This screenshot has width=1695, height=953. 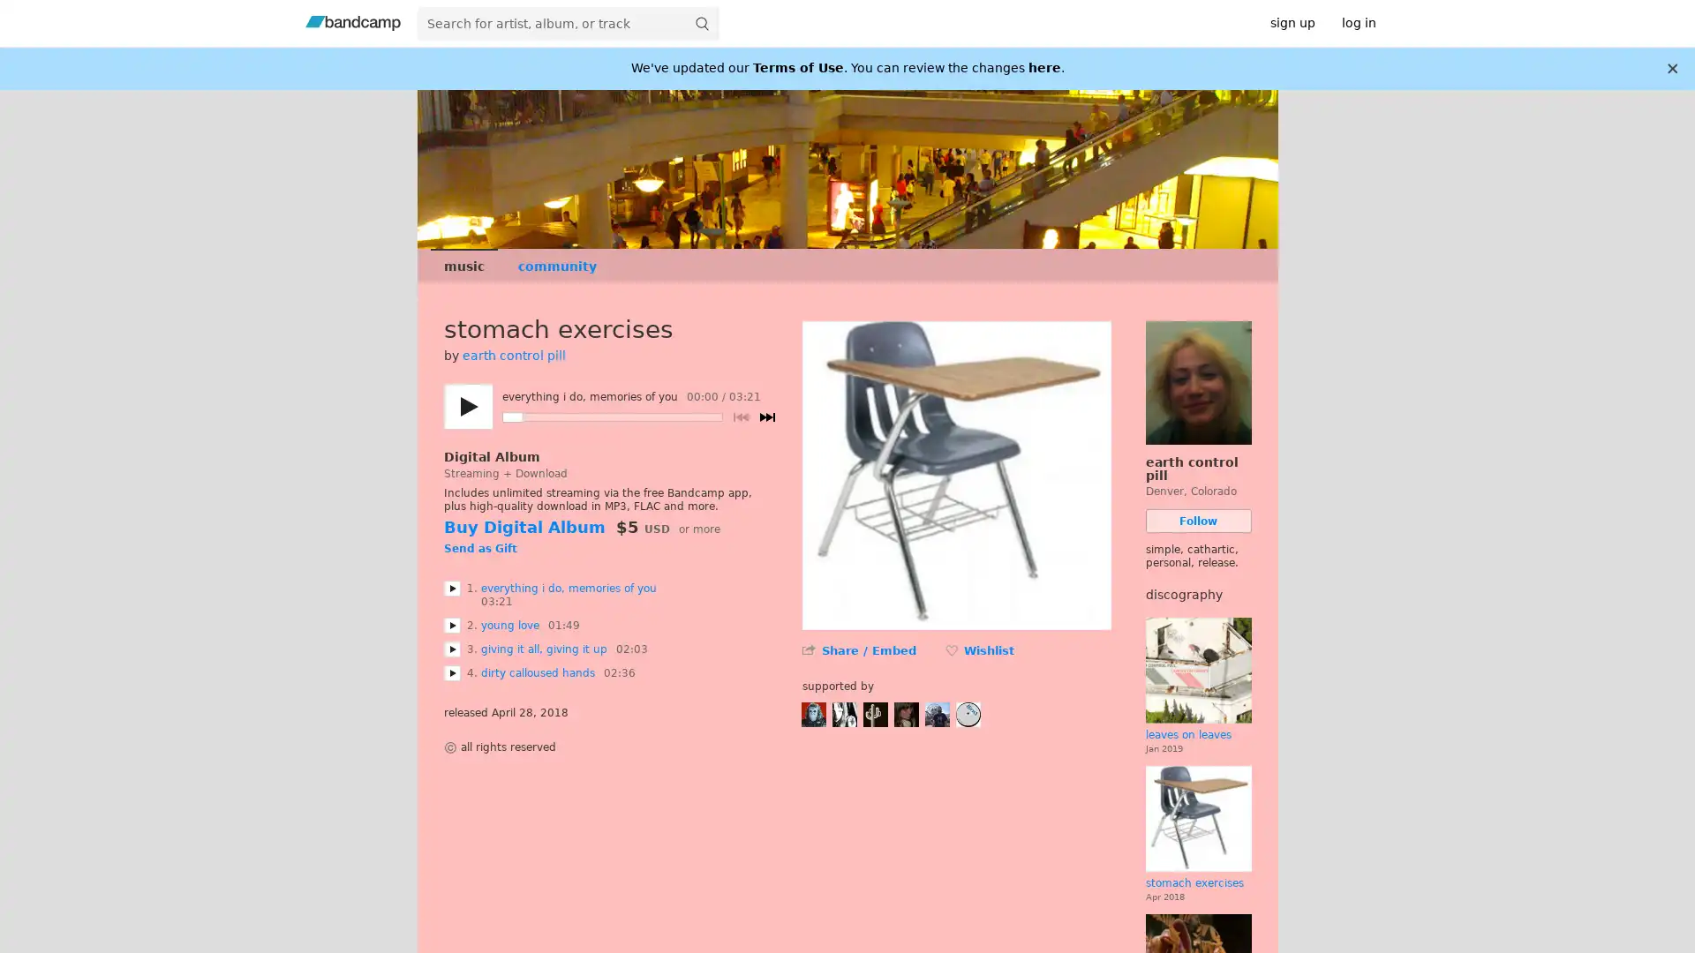 What do you see at coordinates (868, 650) in the screenshot?
I see `Share / Embed` at bounding box center [868, 650].